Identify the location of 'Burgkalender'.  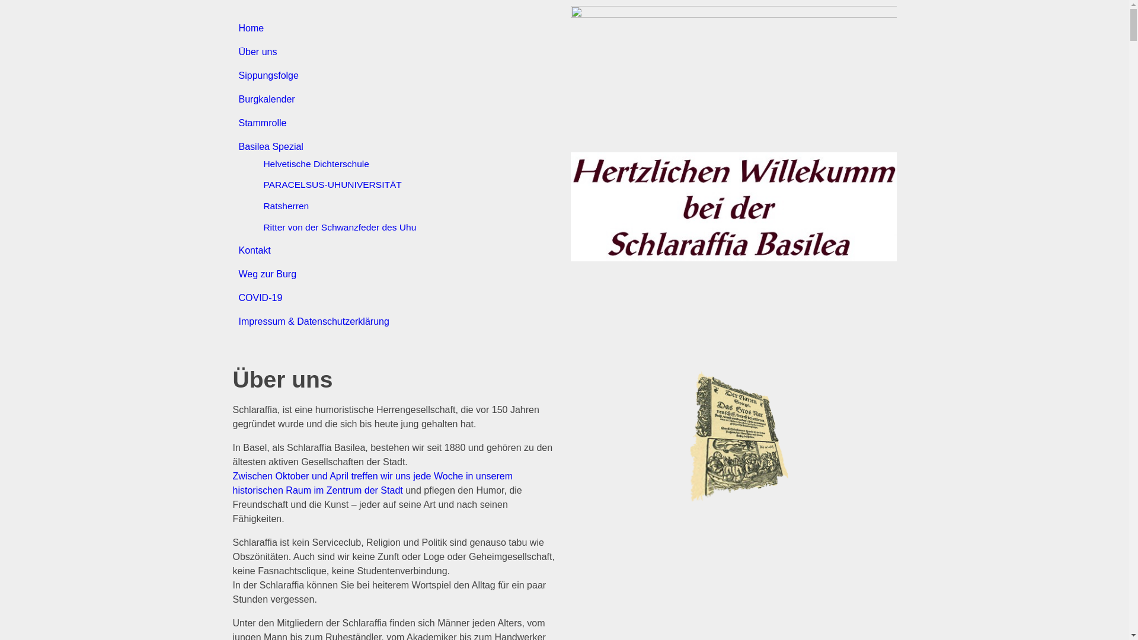
(266, 98).